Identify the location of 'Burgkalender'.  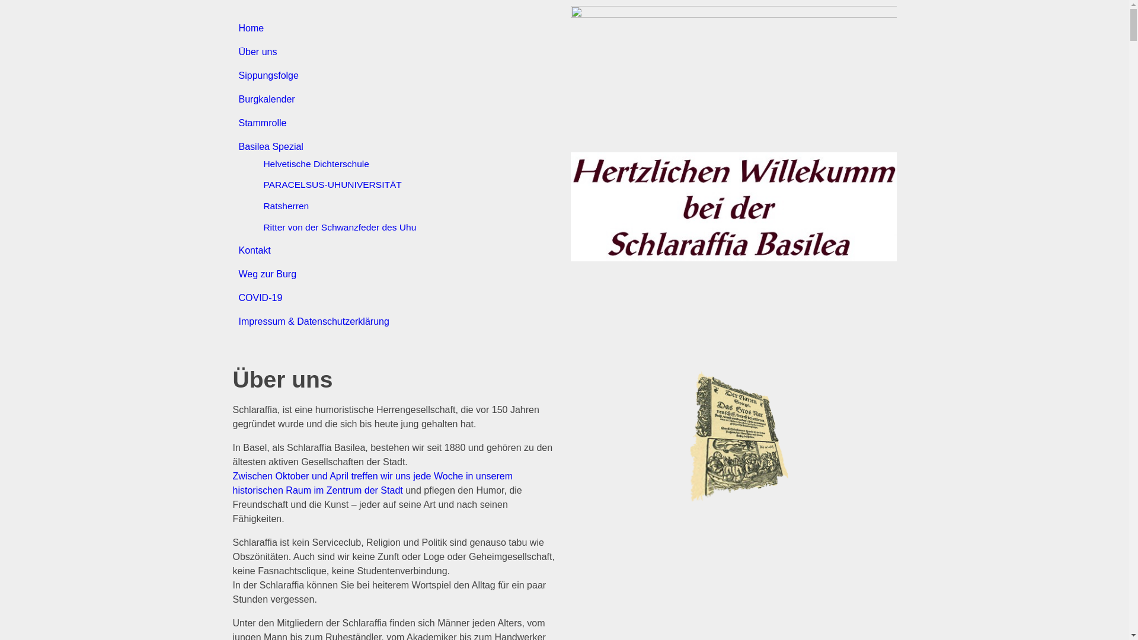
(266, 98).